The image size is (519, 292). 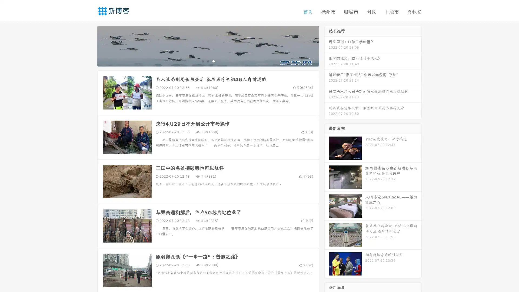 I want to click on Next slide, so click(x=327, y=45).